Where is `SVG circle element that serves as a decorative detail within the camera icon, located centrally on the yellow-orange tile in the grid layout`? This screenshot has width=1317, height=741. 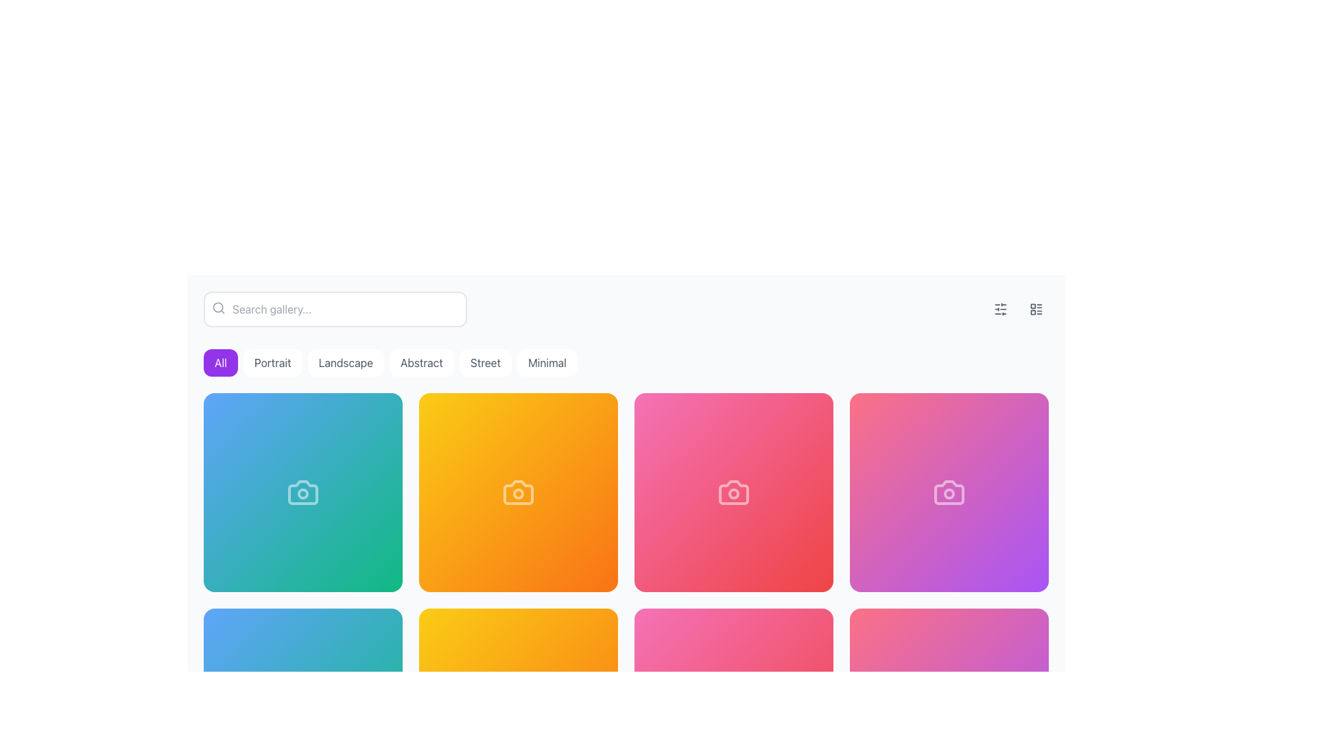
SVG circle element that serves as a decorative detail within the camera icon, located centrally on the yellow-orange tile in the grid layout is located at coordinates (517, 494).